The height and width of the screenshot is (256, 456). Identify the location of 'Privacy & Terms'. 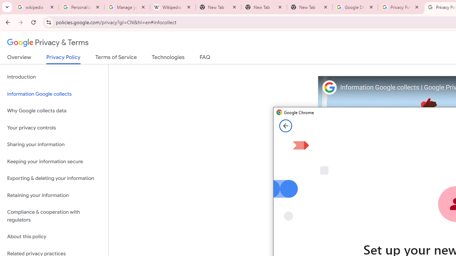
(48, 43).